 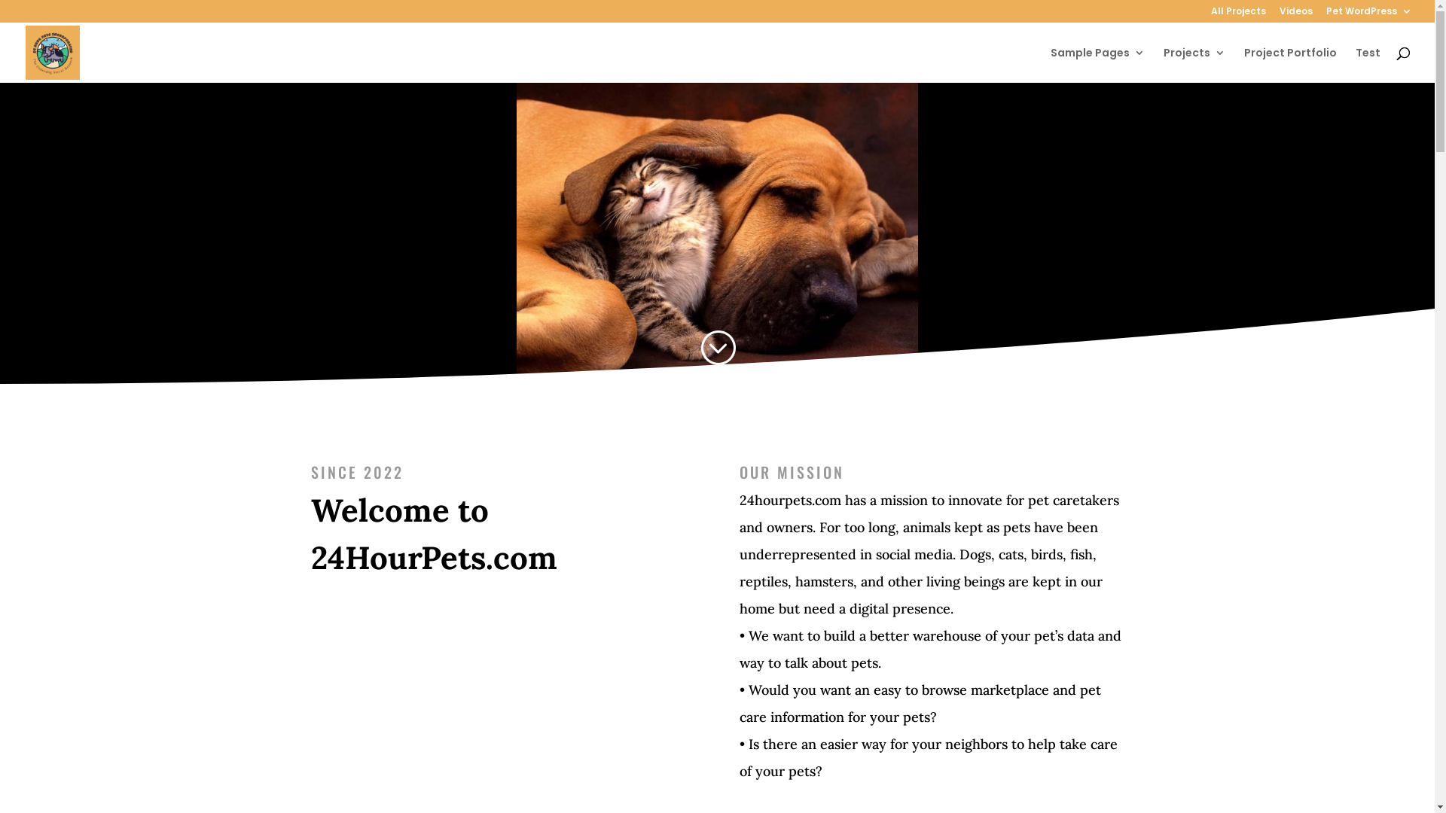 I want to click on 'Project Portfolio', so click(x=1289, y=64).